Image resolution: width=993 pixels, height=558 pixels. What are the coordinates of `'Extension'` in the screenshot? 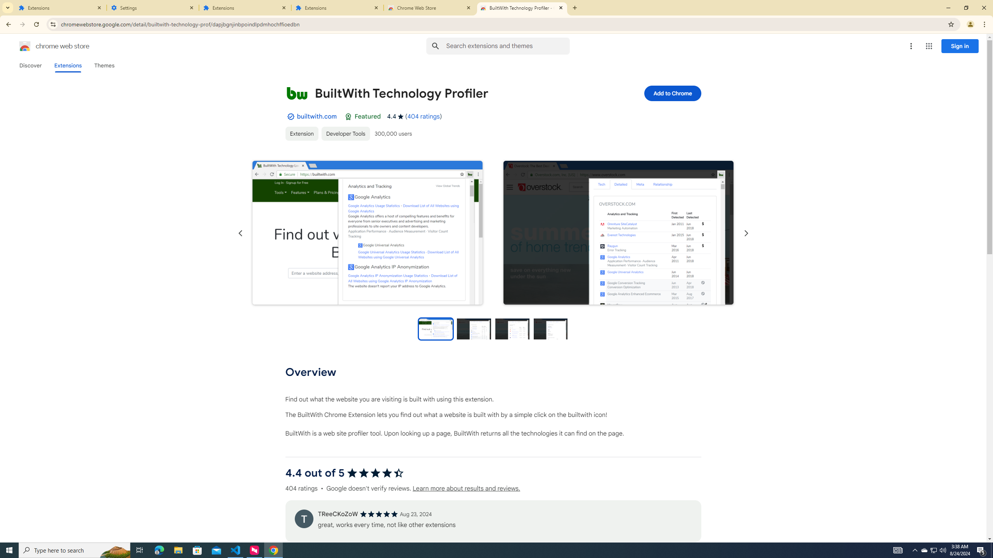 It's located at (302, 133).